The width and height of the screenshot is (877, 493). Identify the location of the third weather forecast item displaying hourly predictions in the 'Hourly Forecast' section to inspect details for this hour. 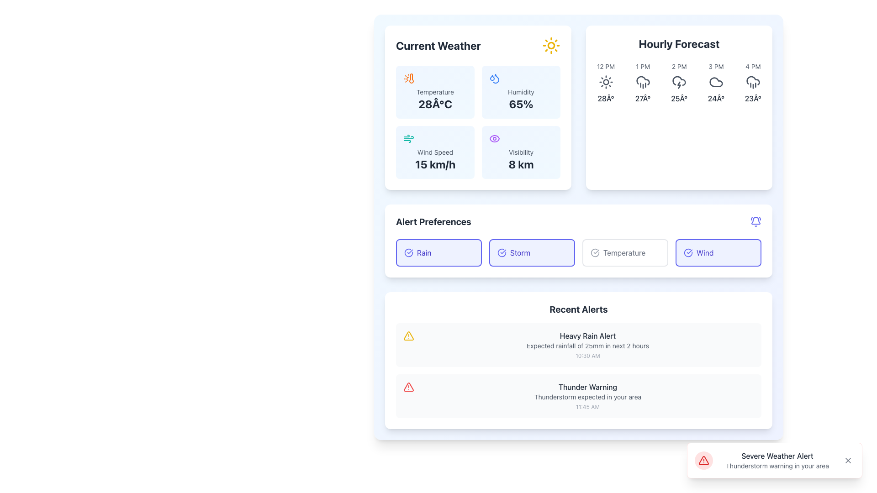
(679, 83).